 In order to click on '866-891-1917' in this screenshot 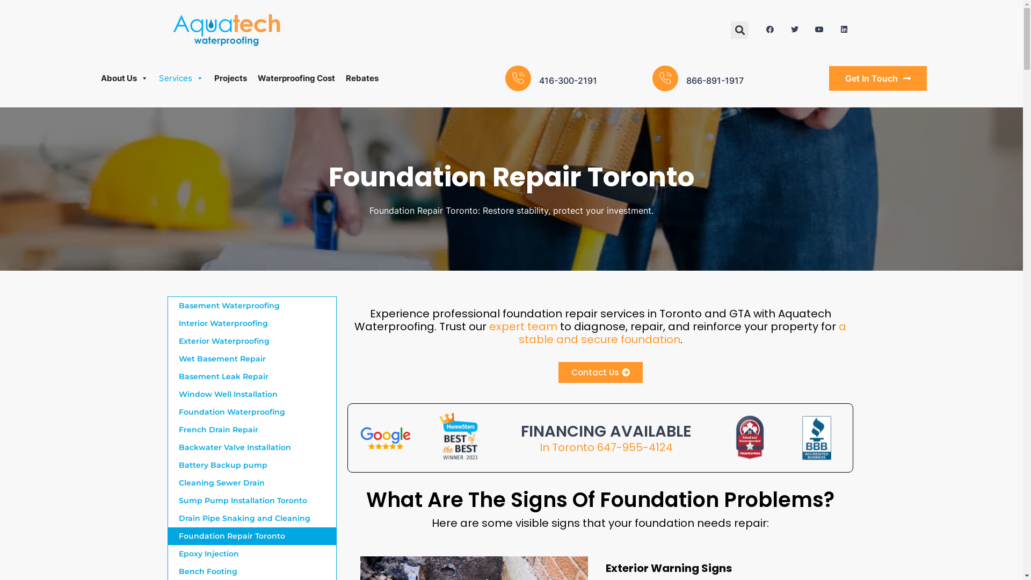, I will do `click(685, 80)`.